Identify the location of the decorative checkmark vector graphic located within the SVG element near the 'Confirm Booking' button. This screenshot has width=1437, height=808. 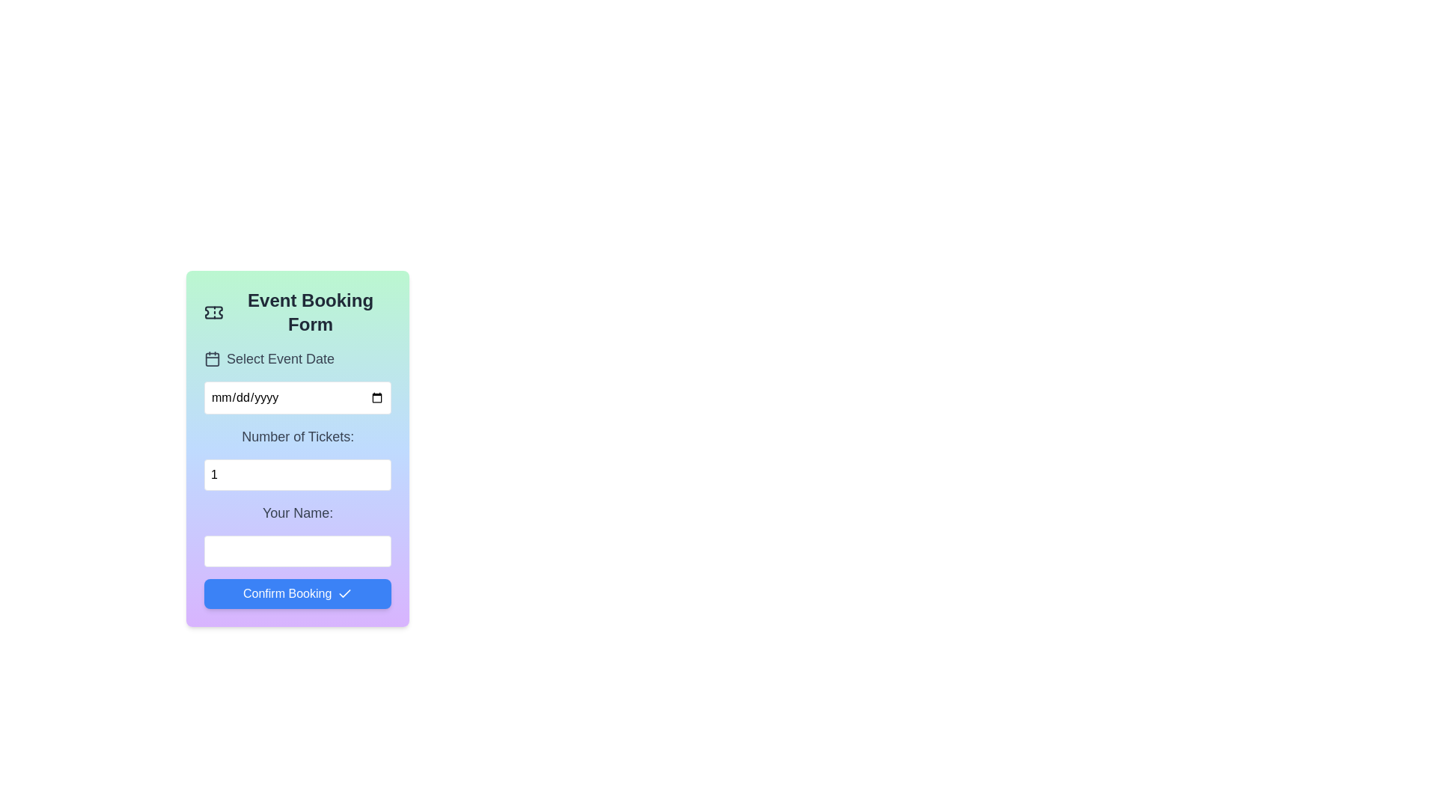
(344, 593).